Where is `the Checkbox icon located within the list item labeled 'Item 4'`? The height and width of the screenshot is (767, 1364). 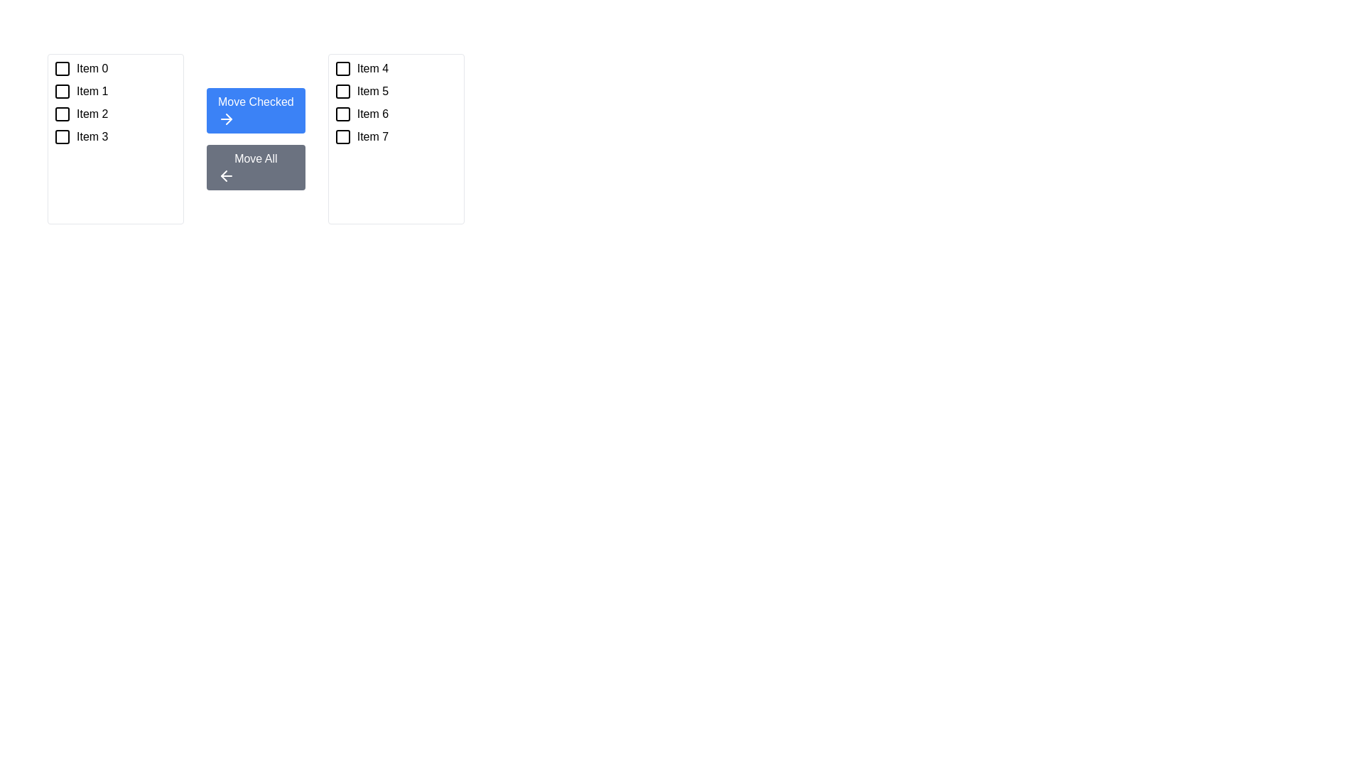
the Checkbox icon located within the list item labeled 'Item 4' is located at coordinates (342, 68).